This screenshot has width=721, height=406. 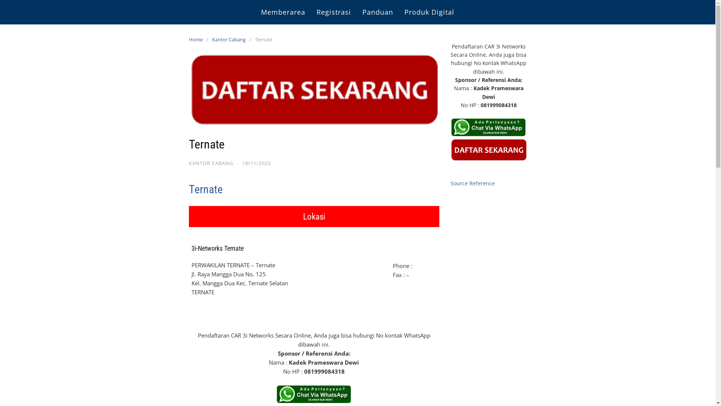 What do you see at coordinates (282, 12) in the screenshot?
I see `'Memberarea'` at bounding box center [282, 12].